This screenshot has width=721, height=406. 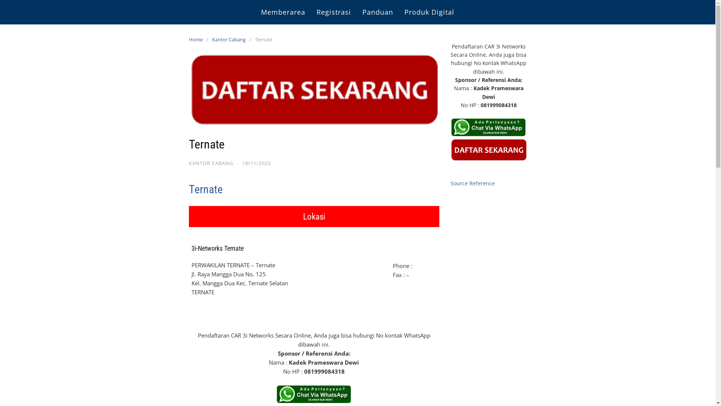 What do you see at coordinates (282, 12) in the screenshot?
I see `'Memberarea'` at bounding box center [282, 12].